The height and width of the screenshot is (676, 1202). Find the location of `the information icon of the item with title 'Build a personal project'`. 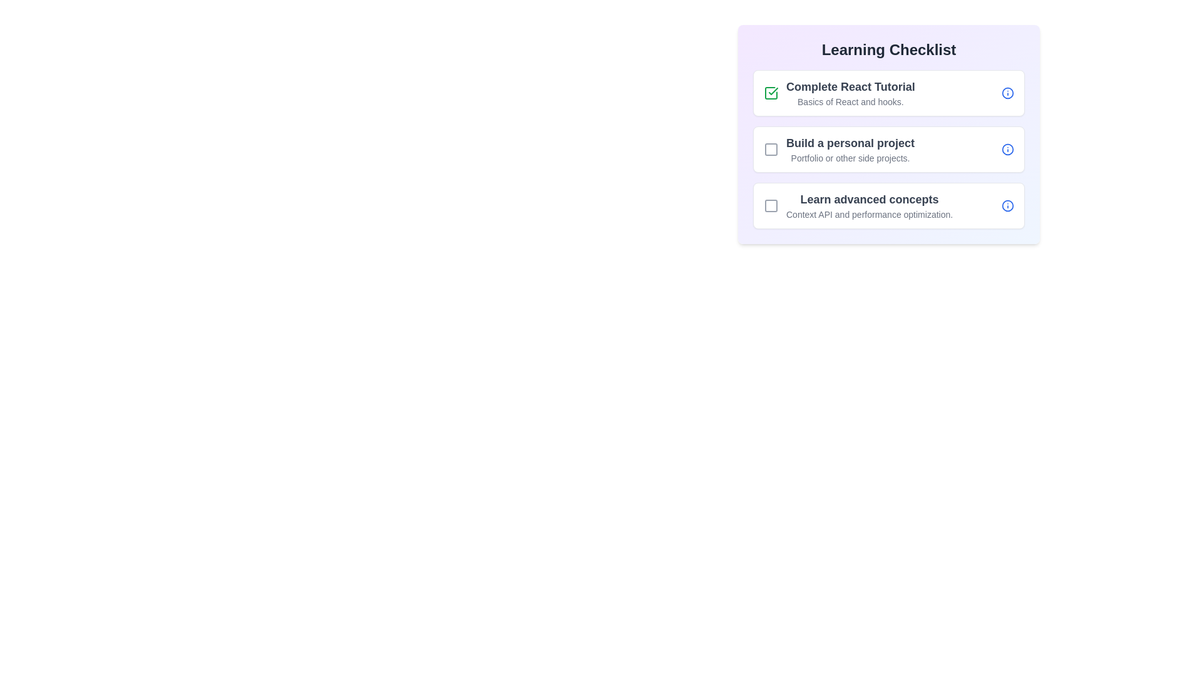

the information icon of the item with title 'Build a personal project' is located at coordinates (1007, 149).